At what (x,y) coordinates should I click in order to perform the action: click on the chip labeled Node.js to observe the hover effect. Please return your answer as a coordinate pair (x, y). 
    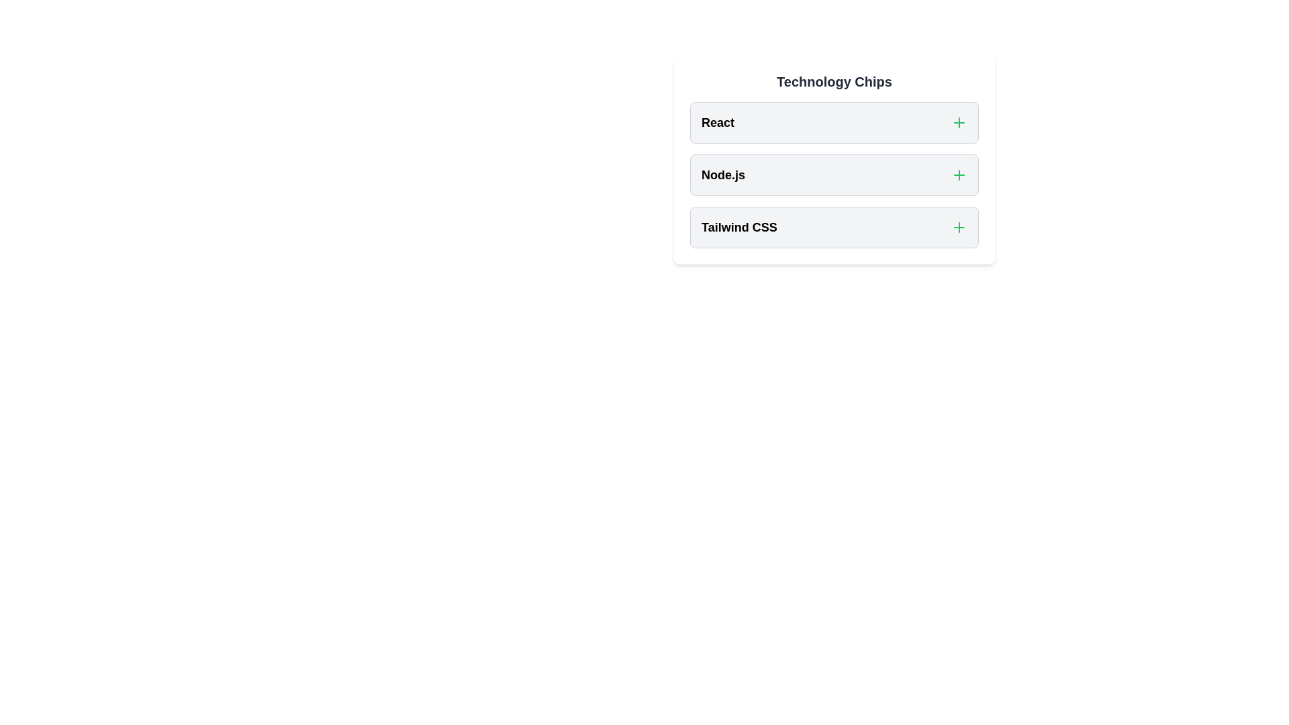
    Looking at the image, I should click on (834, 175).